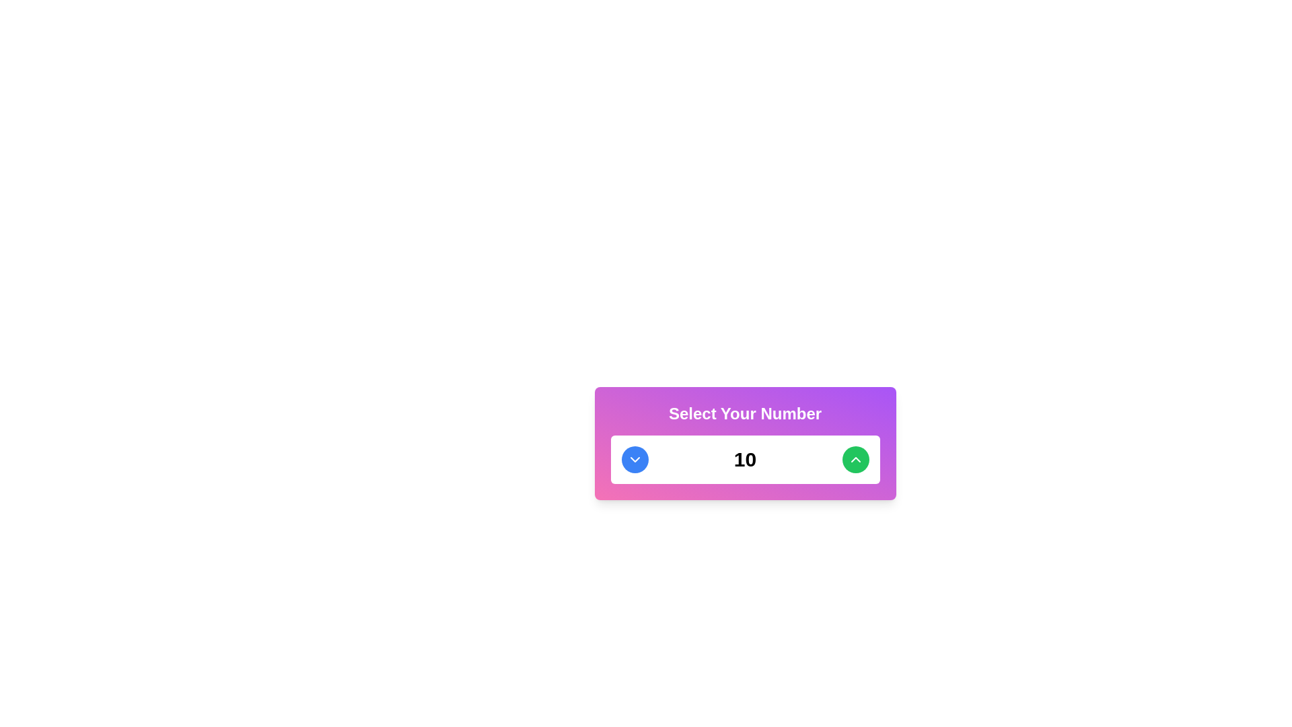 Image resolution: width=1292 pixels, height=727 pixels. Describe the element at coordinates (634, 458) in the screenshot. I see `the dropdown icon located on the left side of the input box displaying the number '10' within the 'Select Your Number' card` at that location.